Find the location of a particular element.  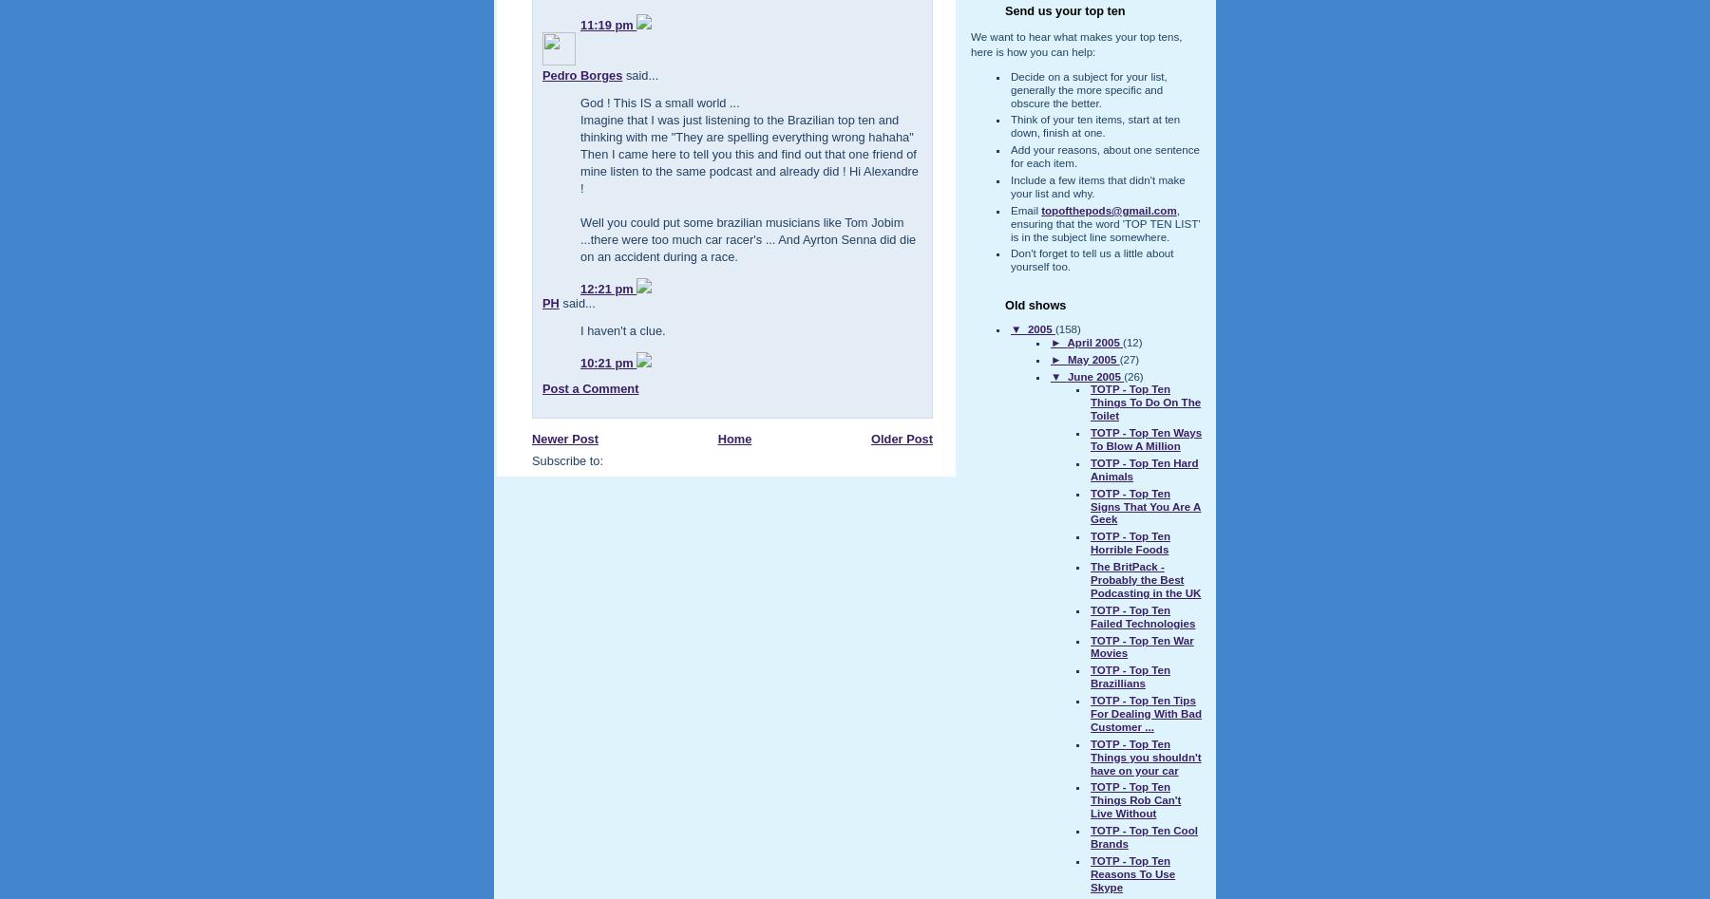

'May 2005' is located at coordinates (1067, 358).